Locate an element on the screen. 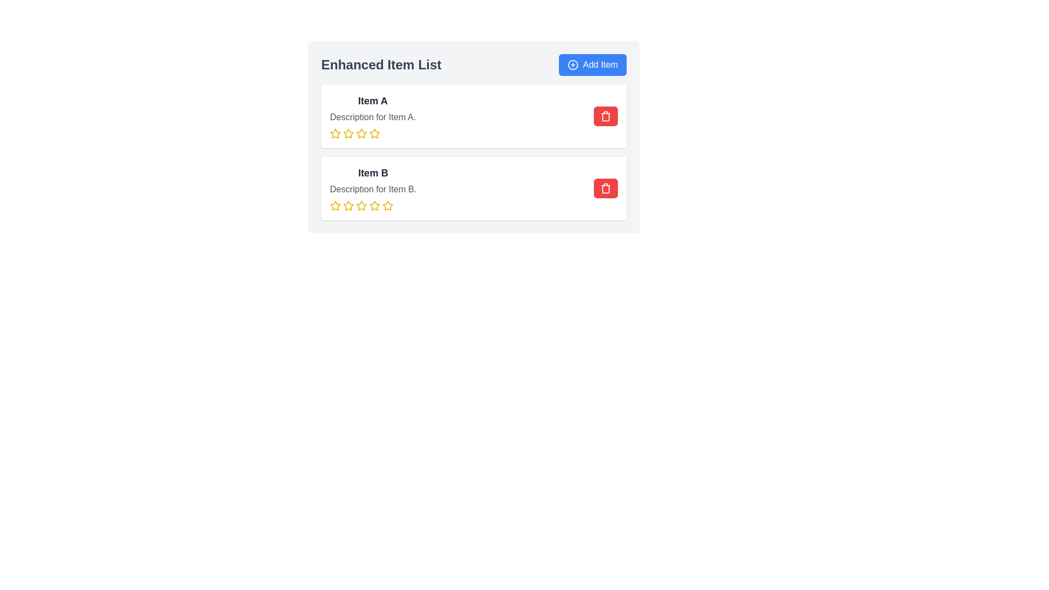  the fourth star-shaped icon representing a rating for 'Item A' is located at coordinates (375, 133).